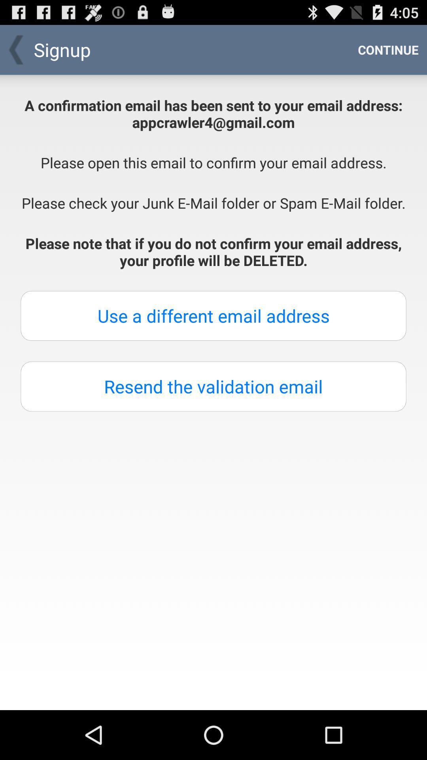  Describe the element at coordinates (388, 49) in the screenshot. I see `icon above the a confirmation email app` at that location.